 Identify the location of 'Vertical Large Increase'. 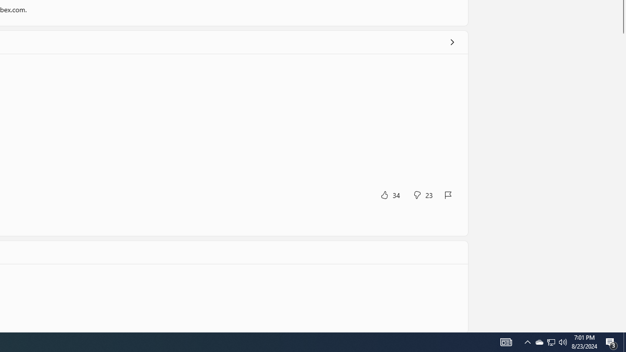
(622, 180).